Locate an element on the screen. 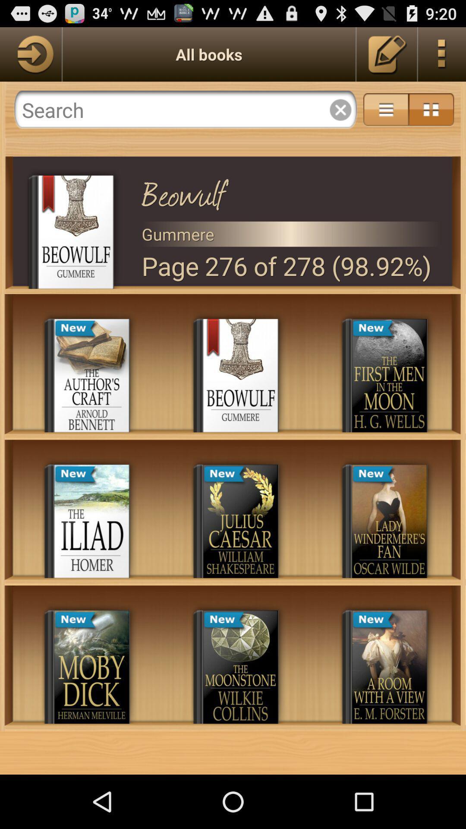  this button menu selection is located at coordinates (442, 54).